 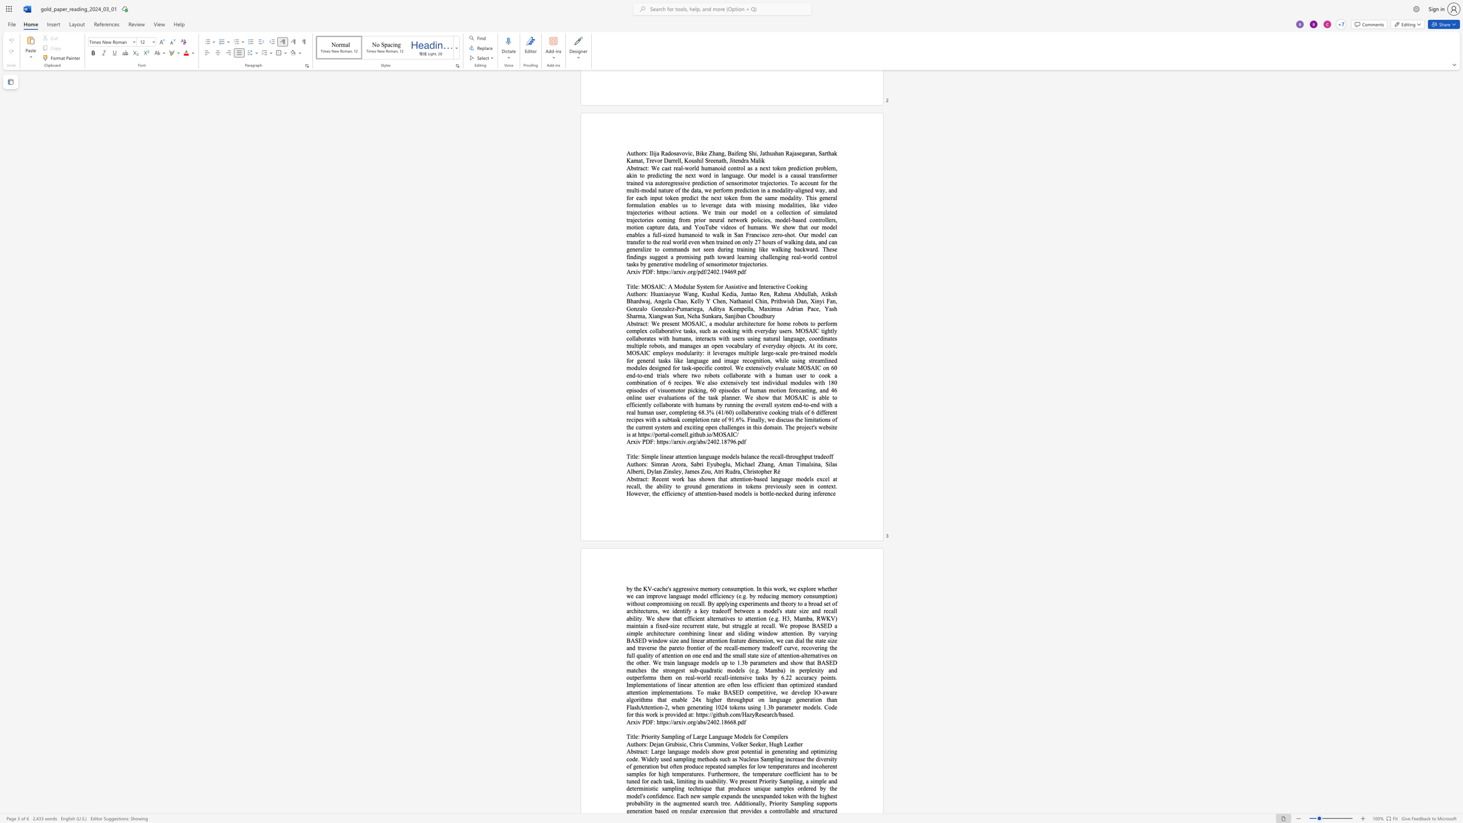 I want to click on the space between the continuous character "b" and "s" in the text, so click(x=703, y=722).